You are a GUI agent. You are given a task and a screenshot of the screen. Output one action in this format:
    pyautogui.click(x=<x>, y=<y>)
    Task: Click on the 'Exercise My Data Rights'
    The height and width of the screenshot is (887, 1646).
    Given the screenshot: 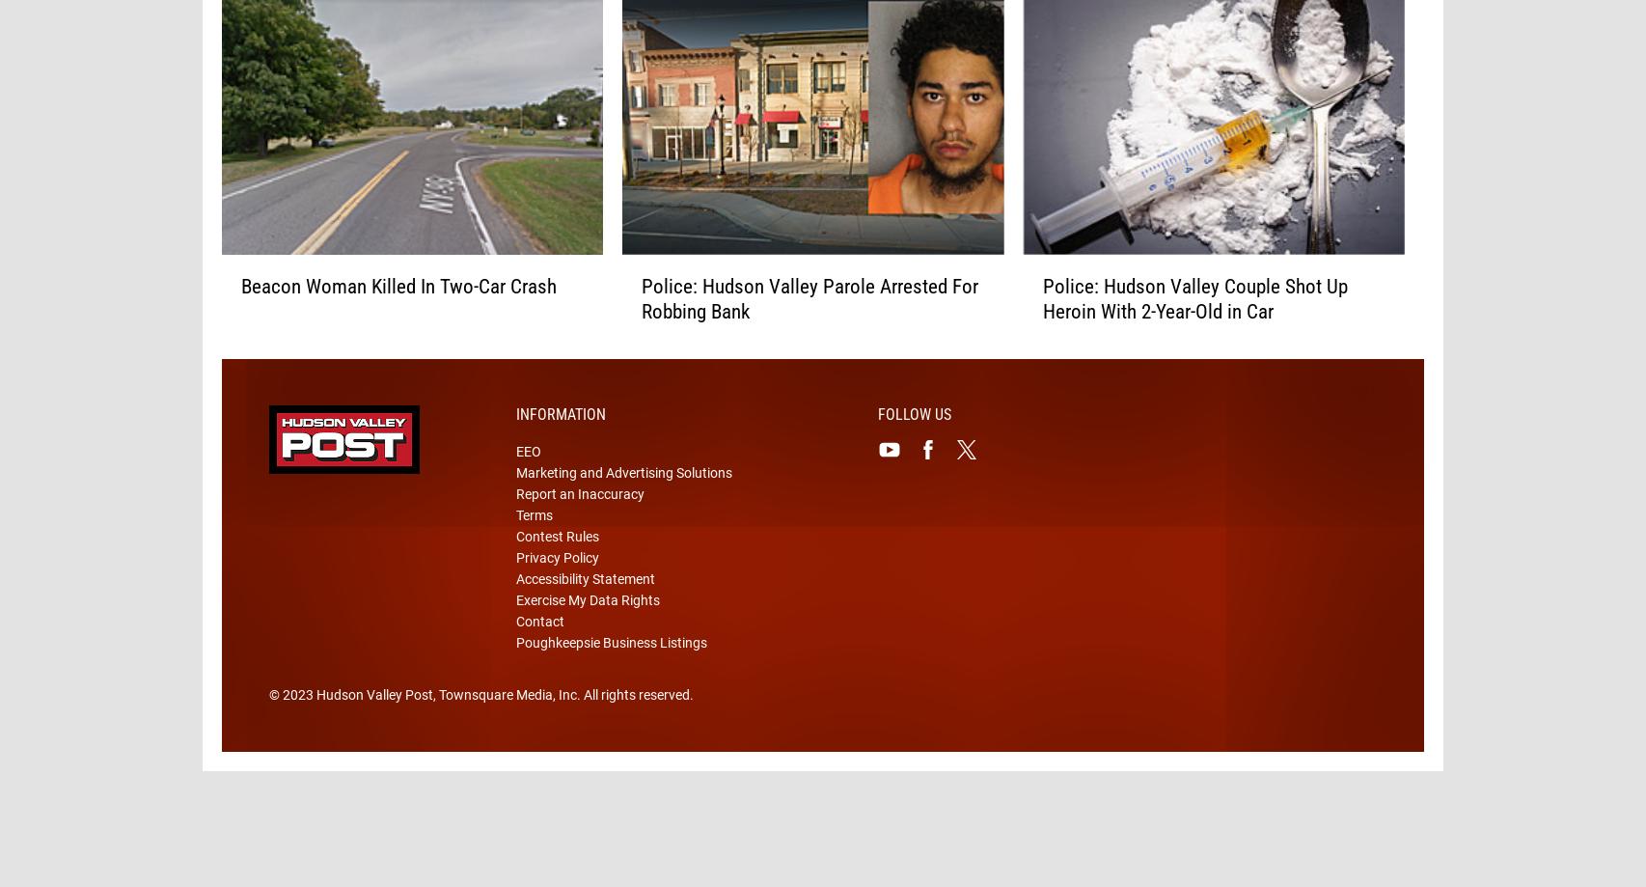 What is the action you would take?
    pyautogui.click(x=587, y=629)
    